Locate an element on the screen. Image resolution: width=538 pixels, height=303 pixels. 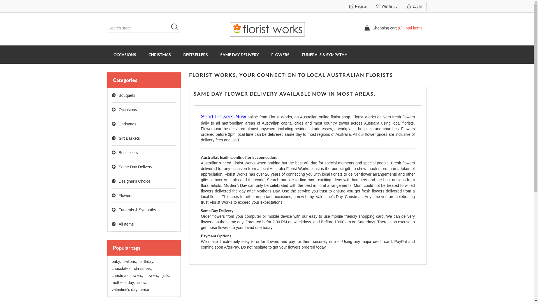
'birthday,' is located at coordinates (147, 261).